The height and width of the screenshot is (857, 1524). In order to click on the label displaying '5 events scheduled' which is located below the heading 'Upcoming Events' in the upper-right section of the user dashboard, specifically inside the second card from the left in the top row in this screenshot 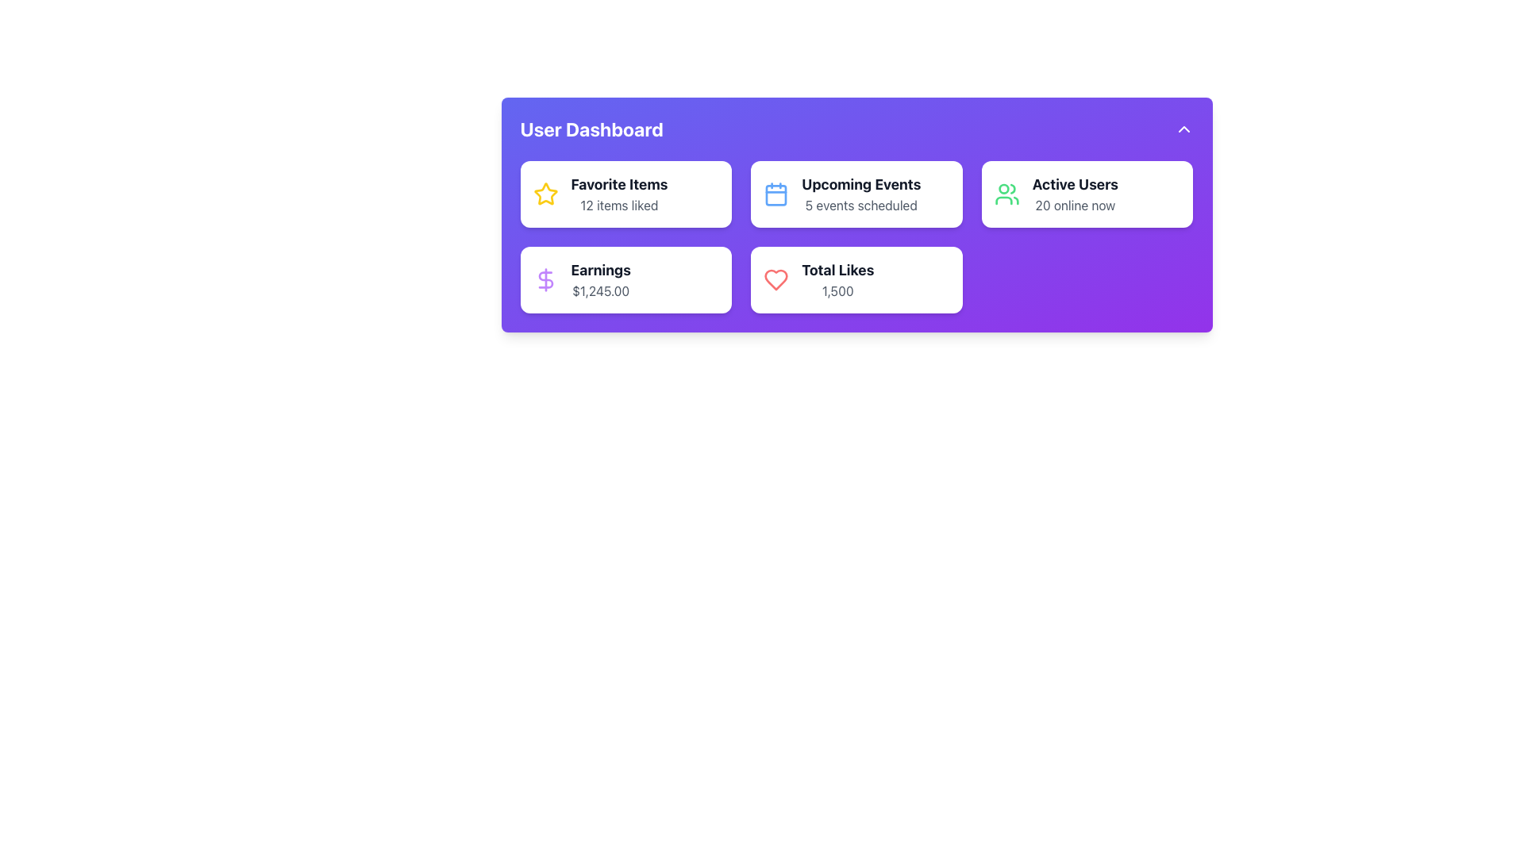, I will do `click(860, 204)`.